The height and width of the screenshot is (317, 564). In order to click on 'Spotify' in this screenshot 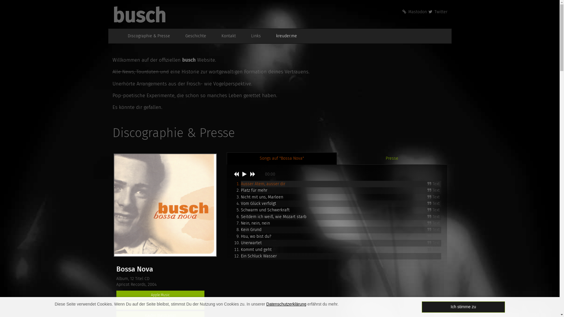, I will do `click(160, 305)`.